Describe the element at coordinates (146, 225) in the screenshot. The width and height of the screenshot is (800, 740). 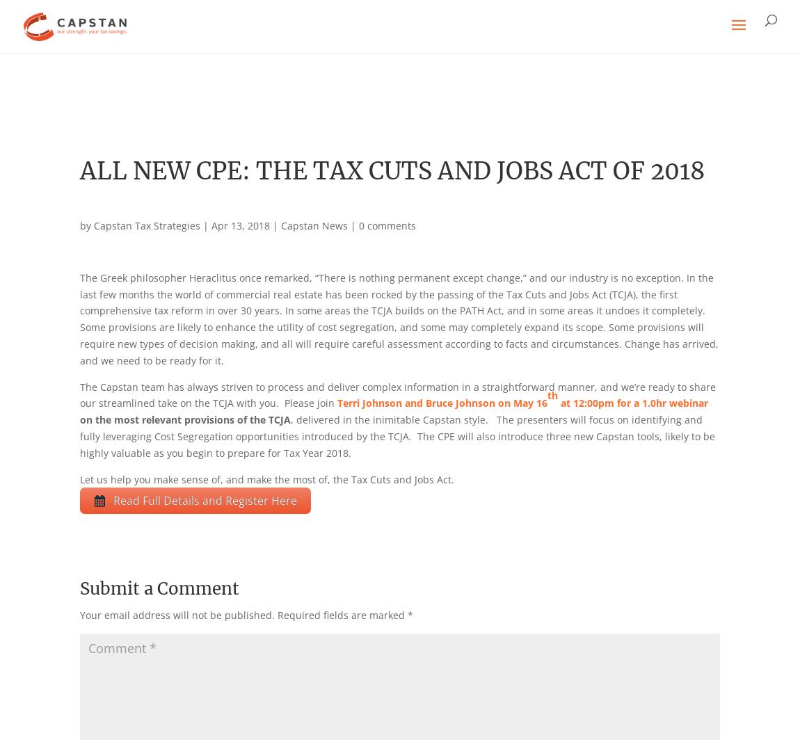
I see `'Capstan Tax Strategies'` at that location.